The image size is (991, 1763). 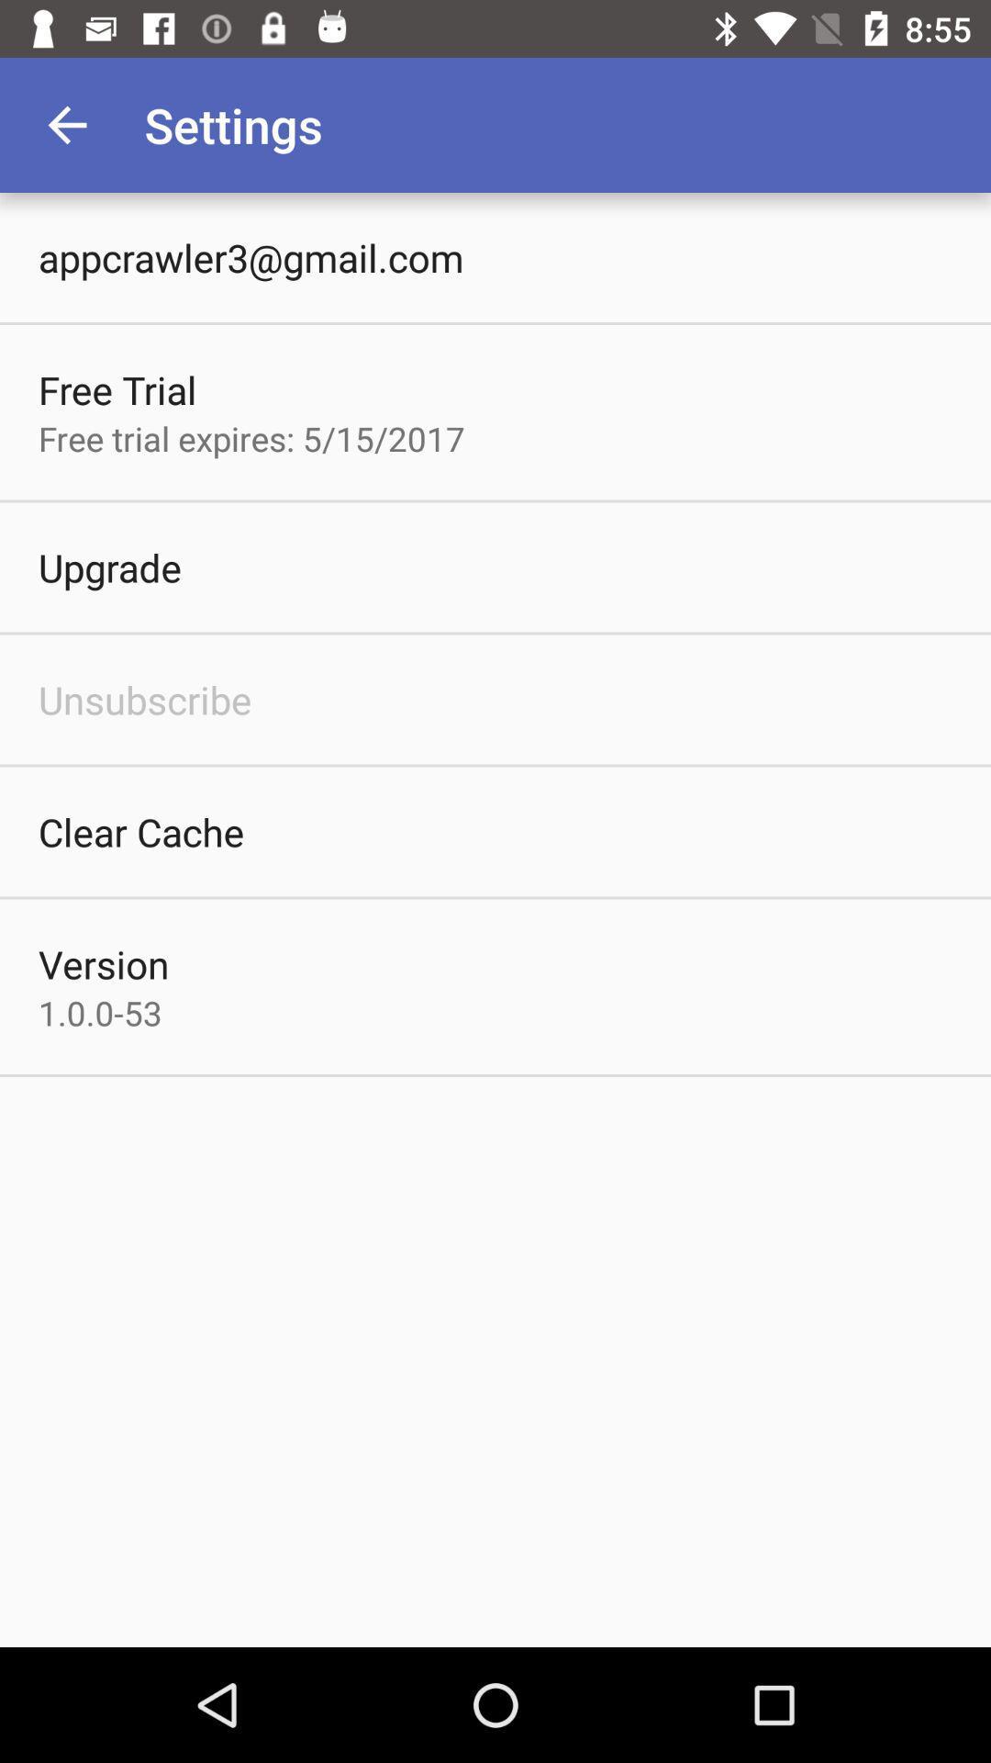 What do you see at coordinates (66, 124) in the screenshot?
I see `item to the left of settings item` at bounding box center [66, 124].